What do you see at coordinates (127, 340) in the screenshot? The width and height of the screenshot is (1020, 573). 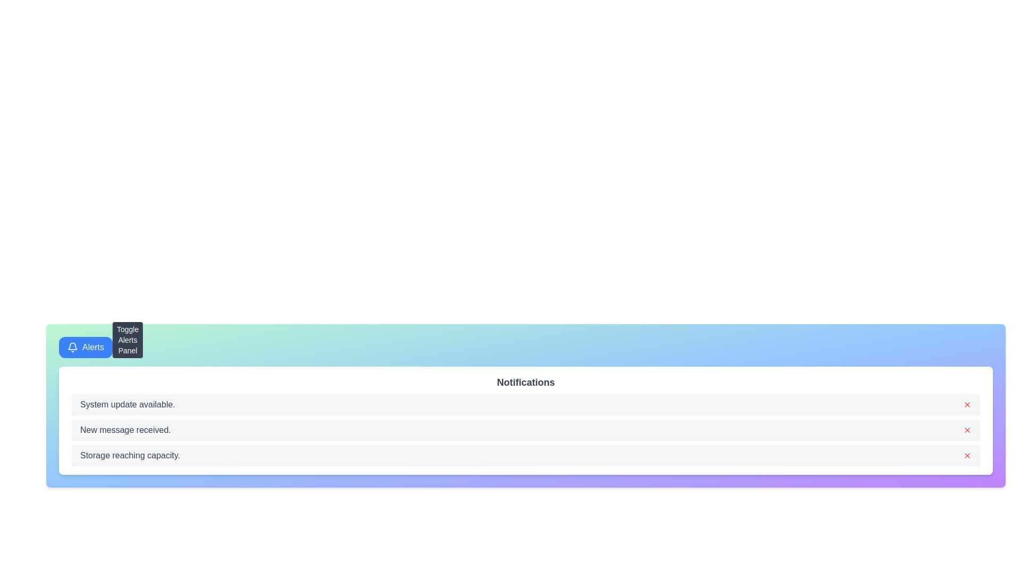 I see `the tooltip labeled 'Toggle Alerts Panel', which has a dark gray background and white text, positioned to the right of the 'Alerts' button` at bounding box center [127, 340].